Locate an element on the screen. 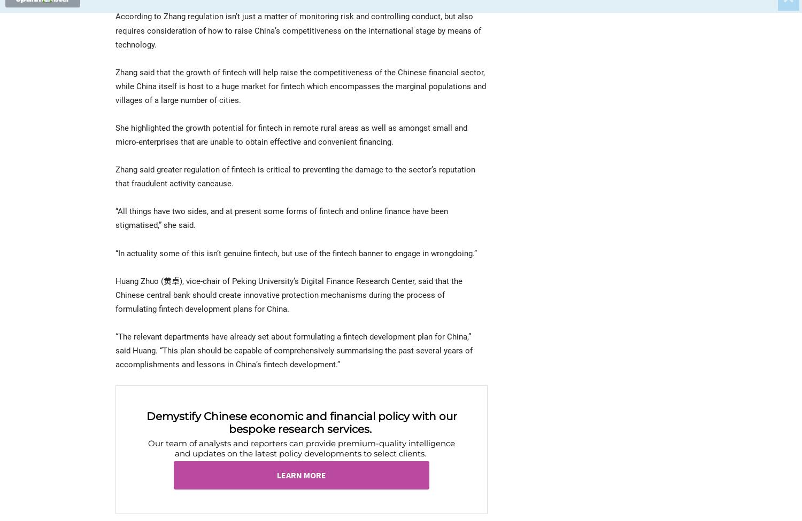 This screenshot has height=521, width=802. '“The relevant departments have already set about formulating a fintech development plan for China,” said Huang. “This plan should be capable of comprehensively summarising the past several years of accomplishments and lessons in China’s fintech development.”' is located at coordinates (294, 350).